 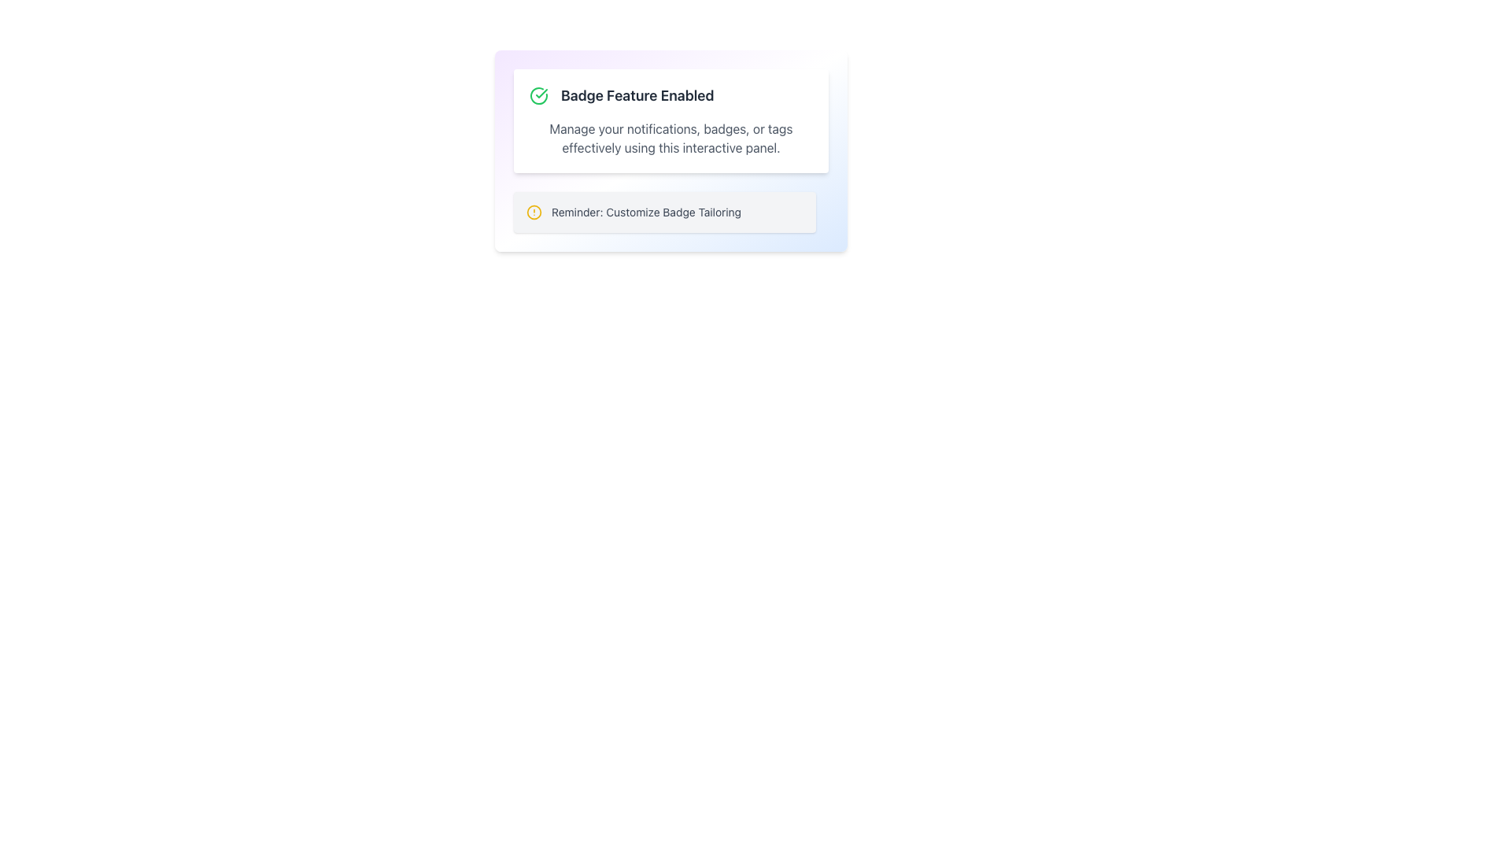 I want to click on the bold text label displaying 'Badge Feature Enabled', which is positioned to the right of a green checkmark icon in the upper section of the interface, so click(x=637, y=96).